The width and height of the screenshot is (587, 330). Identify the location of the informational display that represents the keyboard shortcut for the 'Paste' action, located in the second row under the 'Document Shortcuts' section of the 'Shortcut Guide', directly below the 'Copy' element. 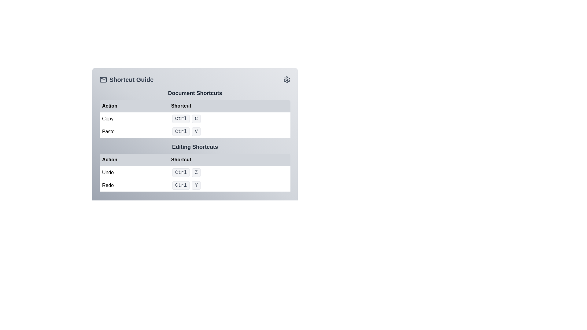
(195, 131).